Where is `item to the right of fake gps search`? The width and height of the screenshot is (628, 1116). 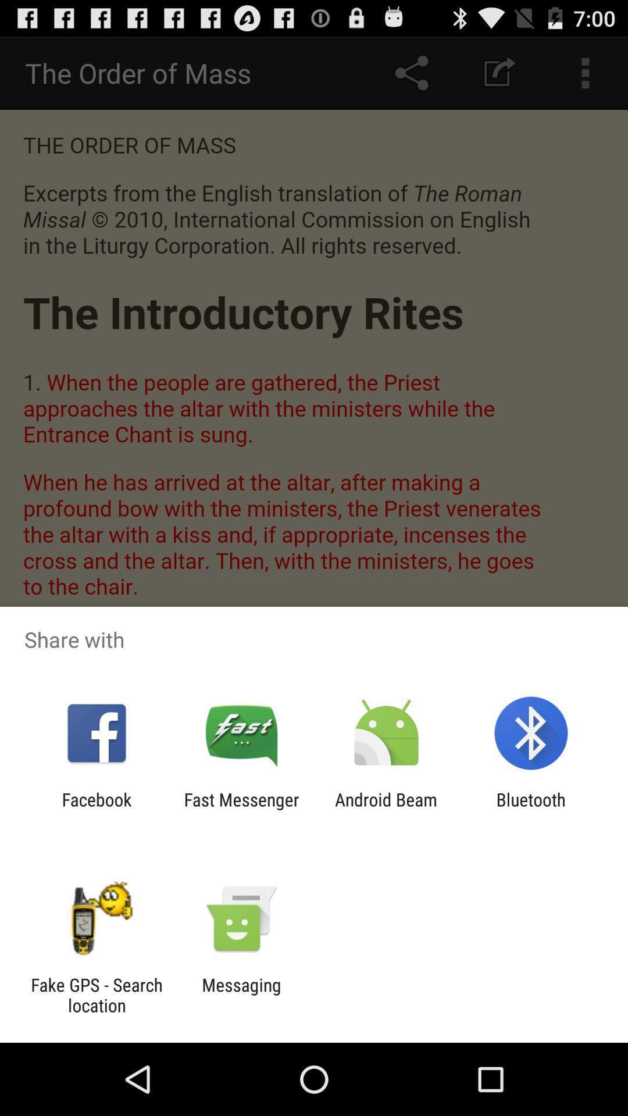 item to the right of fake gps search is located at coordinates (241, 995).